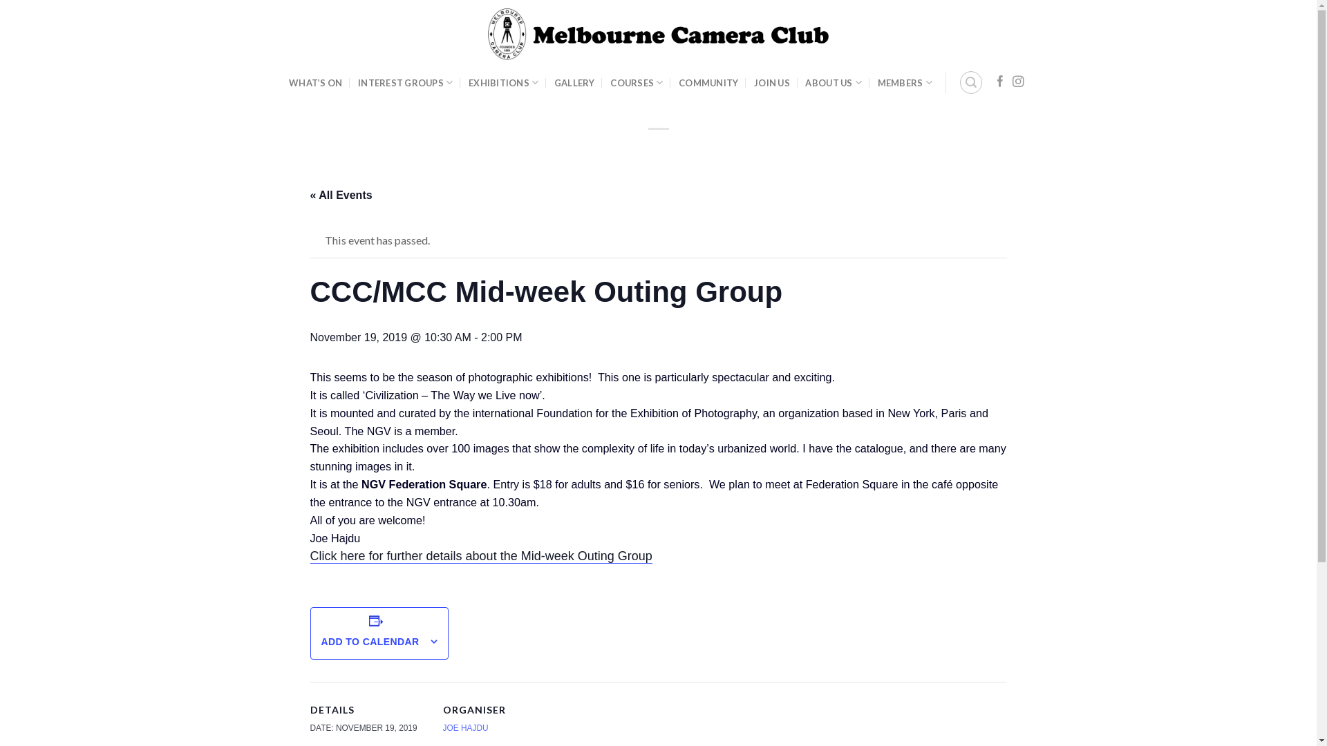 This screenshot has height=746, width=1327. I want to click on 'MEMBERS', so click(905, 82).